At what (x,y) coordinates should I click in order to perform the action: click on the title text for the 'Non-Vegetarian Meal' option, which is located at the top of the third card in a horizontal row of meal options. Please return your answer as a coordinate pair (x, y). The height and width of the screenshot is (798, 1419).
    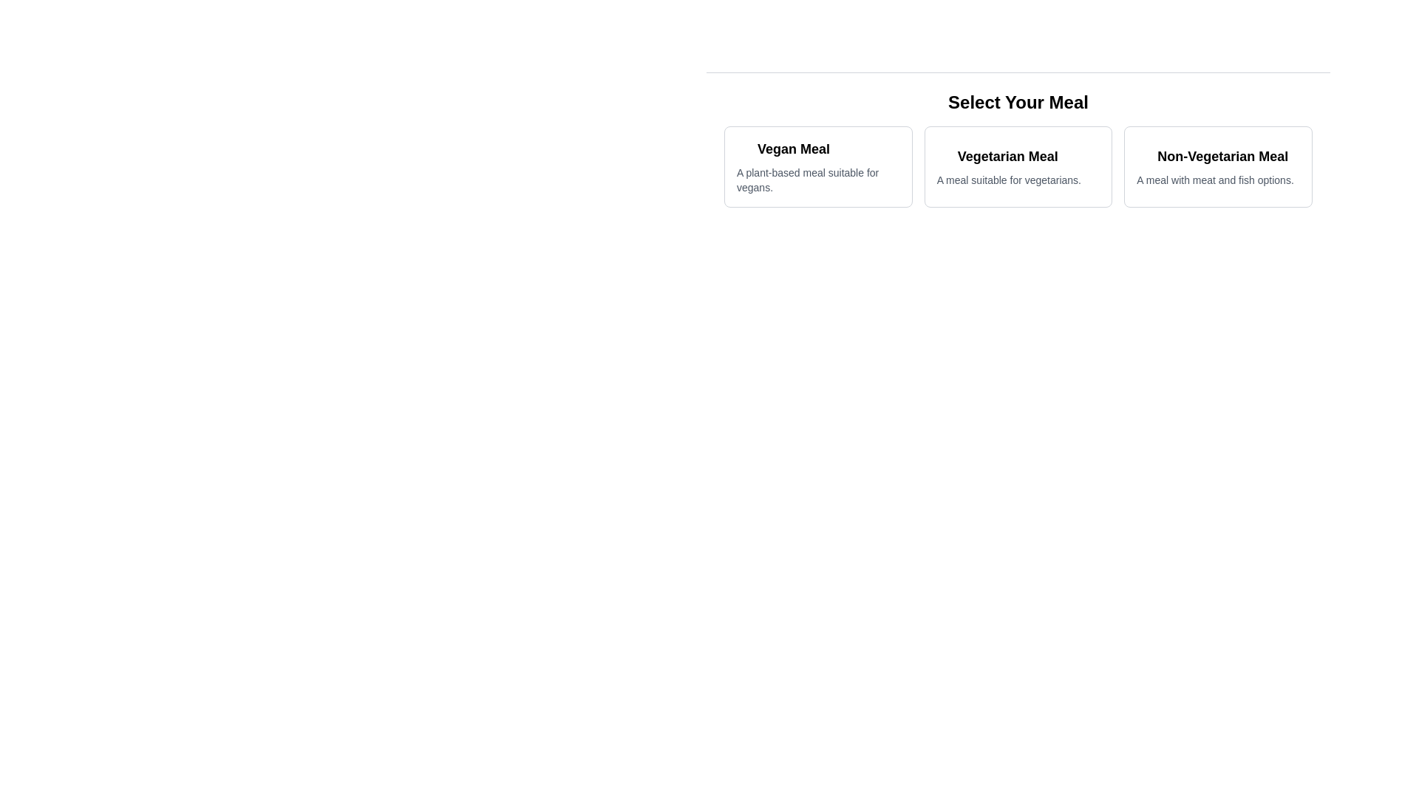
    Looking at the image, I should click on (1218, 157).